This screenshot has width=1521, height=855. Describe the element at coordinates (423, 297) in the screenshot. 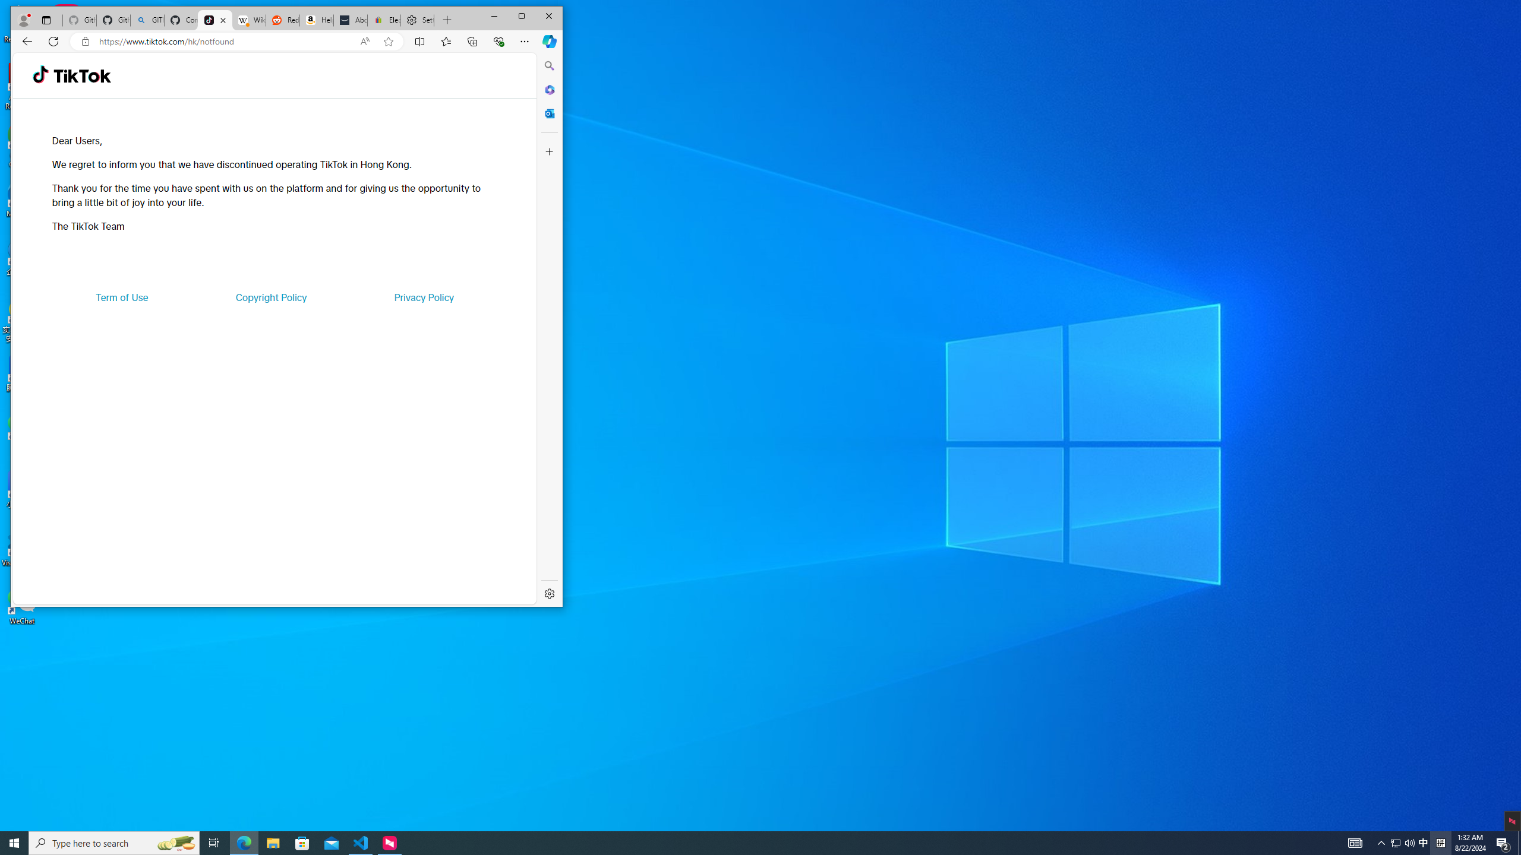

I see `'Privacy Policy'` at that location.